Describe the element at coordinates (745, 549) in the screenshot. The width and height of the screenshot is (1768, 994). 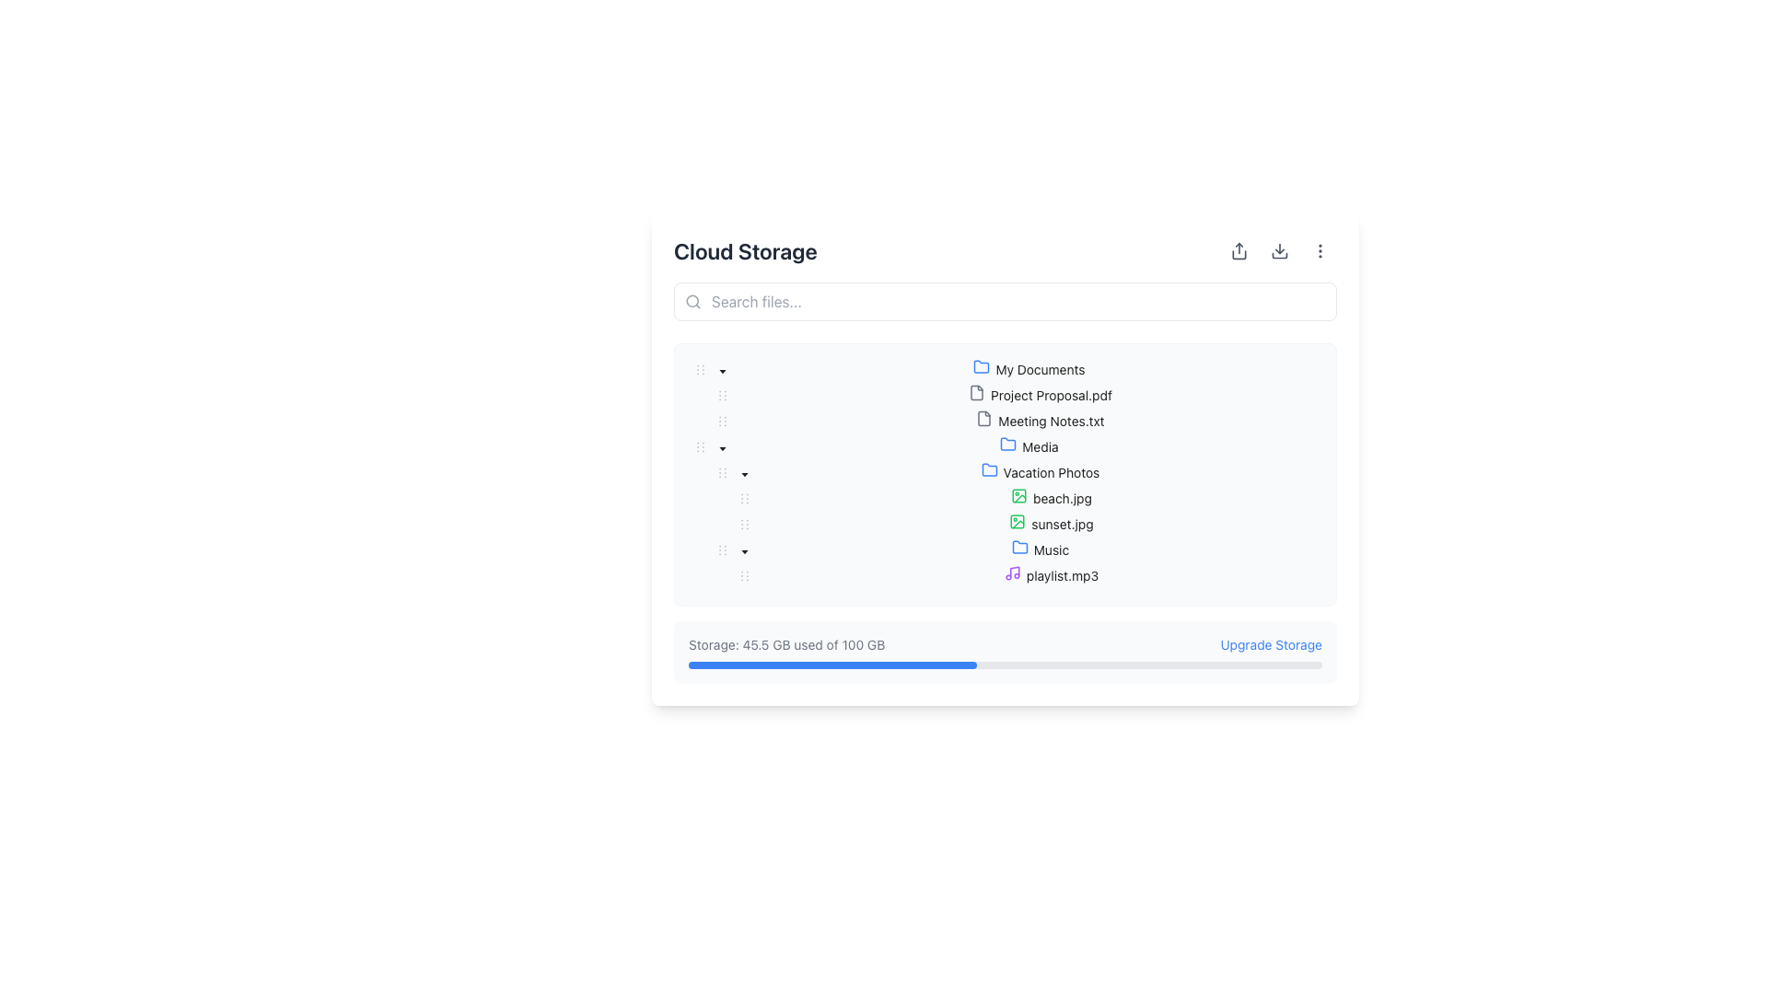
I see `the collapse button located slightly to the left of the 'Music' text in the hierarchical tree structure under the 'Vacation Photos' node` at that location.